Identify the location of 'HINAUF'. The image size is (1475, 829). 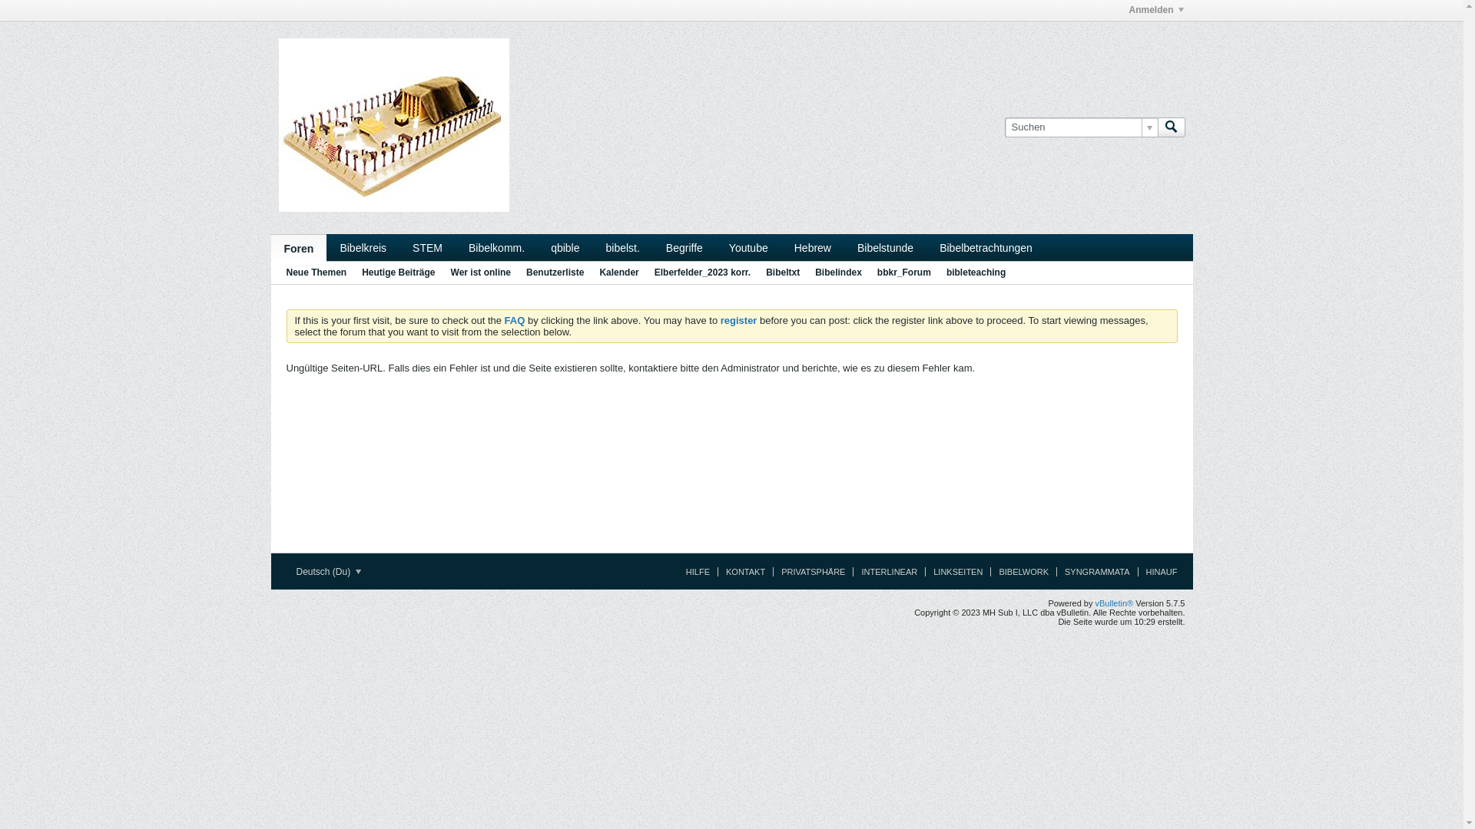
(1158, 571).